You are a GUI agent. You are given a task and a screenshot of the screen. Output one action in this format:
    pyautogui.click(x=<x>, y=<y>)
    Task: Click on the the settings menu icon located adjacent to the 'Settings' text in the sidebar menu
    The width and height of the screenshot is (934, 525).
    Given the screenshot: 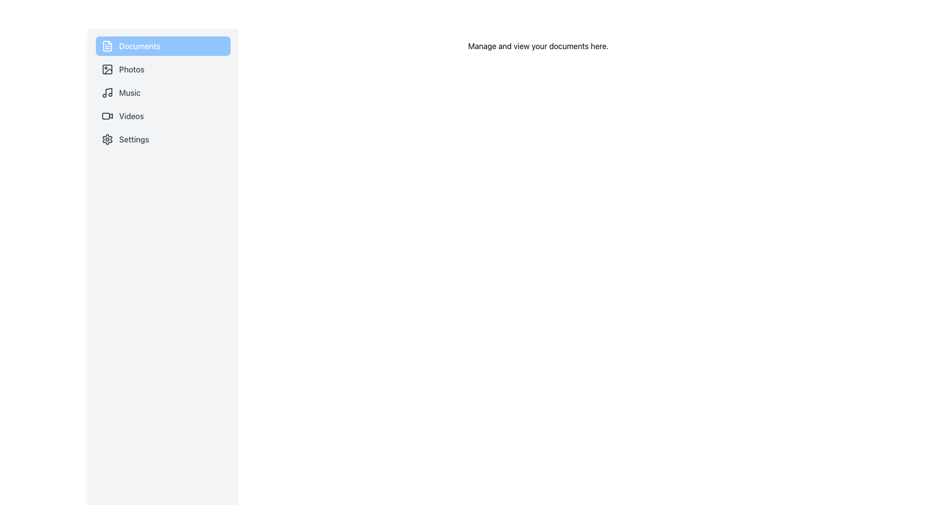 What is the action you would take?
    pyautogui.click(x=107, y=139)
    